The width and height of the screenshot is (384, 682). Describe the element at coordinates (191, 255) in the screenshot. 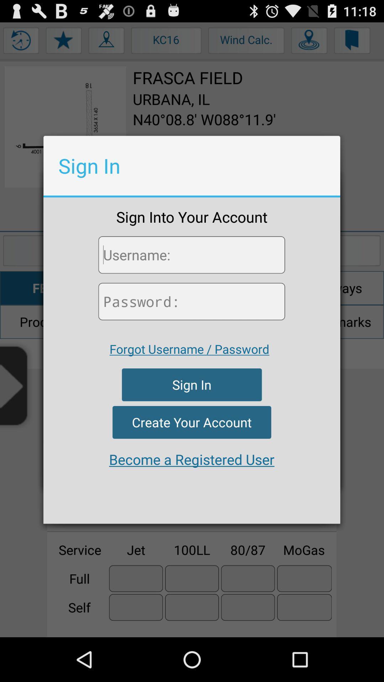

I see `username` at that location.